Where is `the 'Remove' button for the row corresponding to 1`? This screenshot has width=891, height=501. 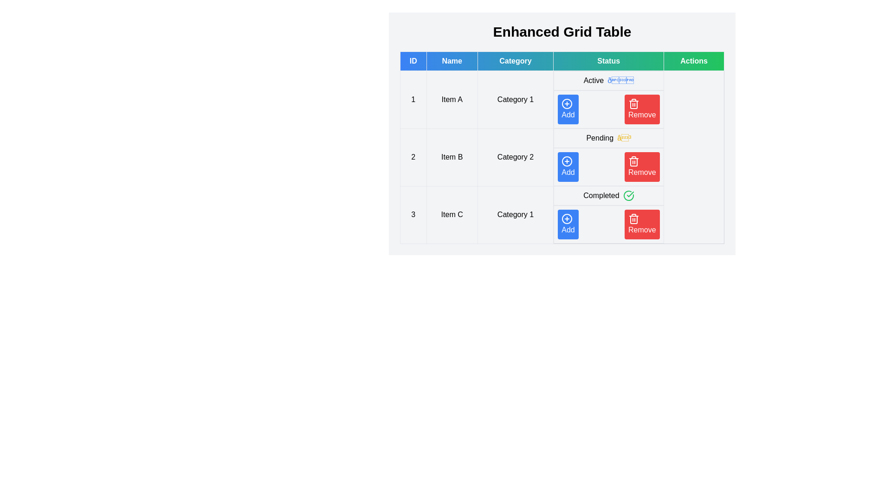
the 'Remove' button for the row corresponding to 1 is located at coordinates (641, 109).